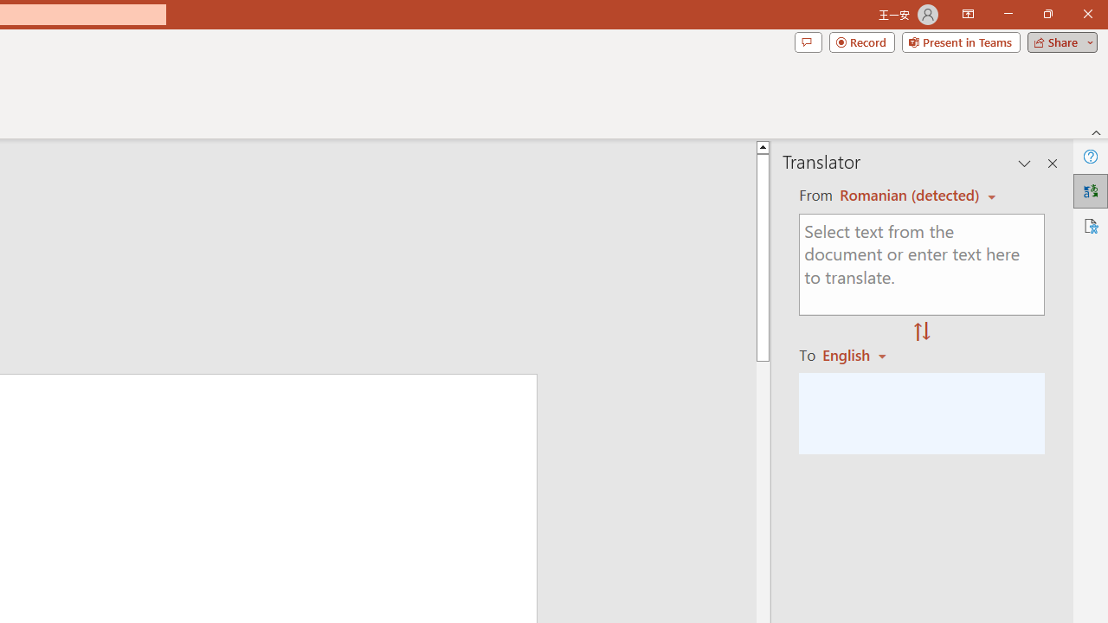 This screenshot has width=1108, height=623. Describe the element at coordinates (967, 14) in the screenshot. I see `'Ribbon Display Options'` at that location.